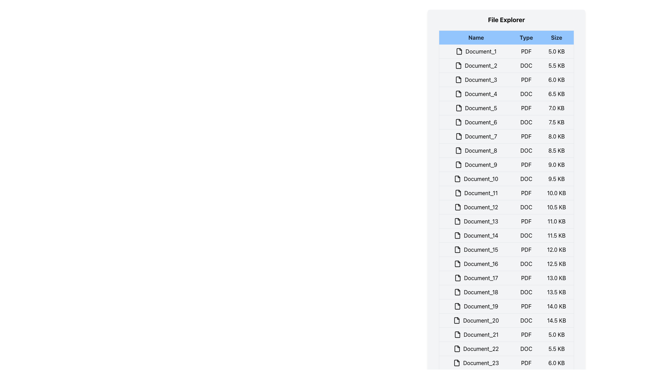 This screenshot has height=373, width=664. I want to click on the document file icon located, so click(459, 136).